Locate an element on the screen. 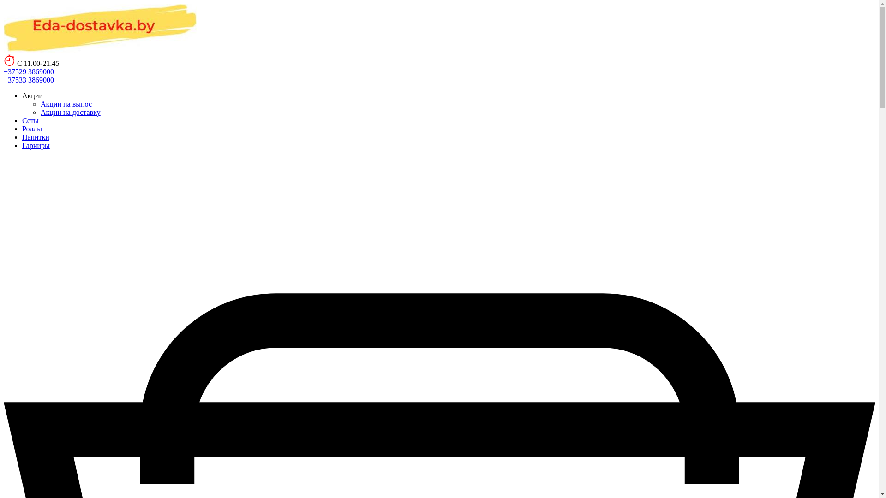  '+37533 3869000' is located at coordinates (29, 79).